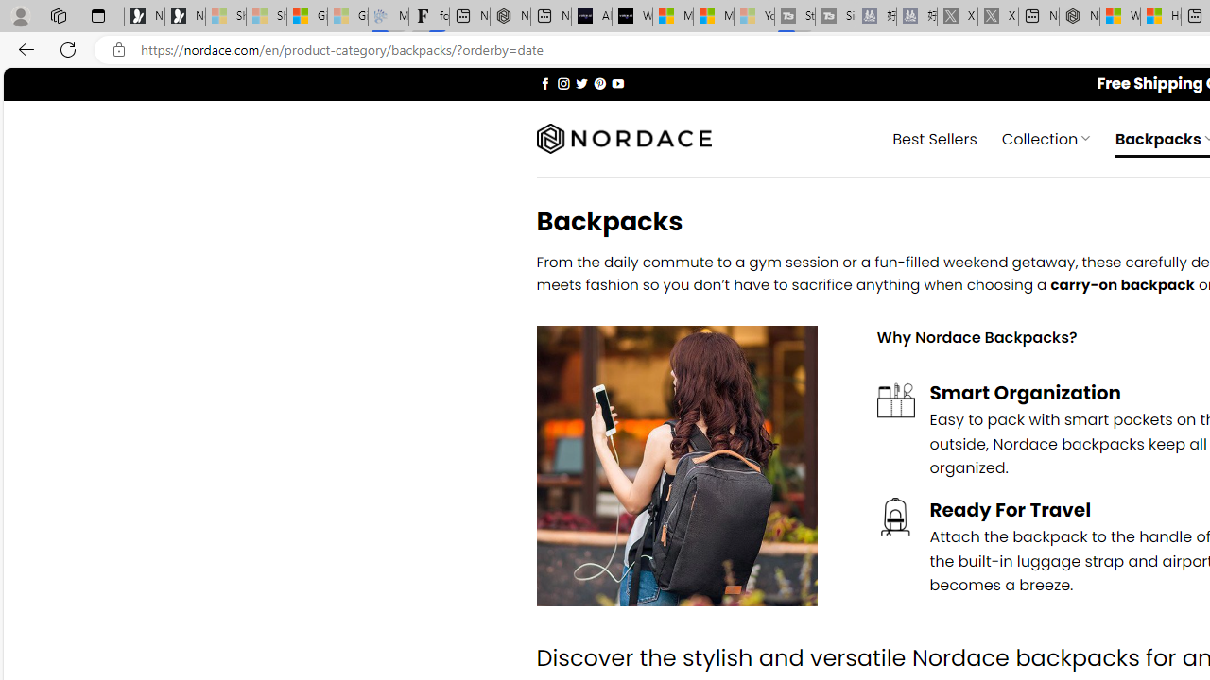  I want to click on 'Microsoft Start Sports', so click(673, 16).